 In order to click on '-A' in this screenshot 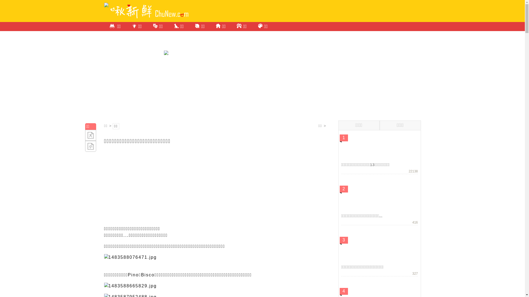, I will do `click(90, 146)`.